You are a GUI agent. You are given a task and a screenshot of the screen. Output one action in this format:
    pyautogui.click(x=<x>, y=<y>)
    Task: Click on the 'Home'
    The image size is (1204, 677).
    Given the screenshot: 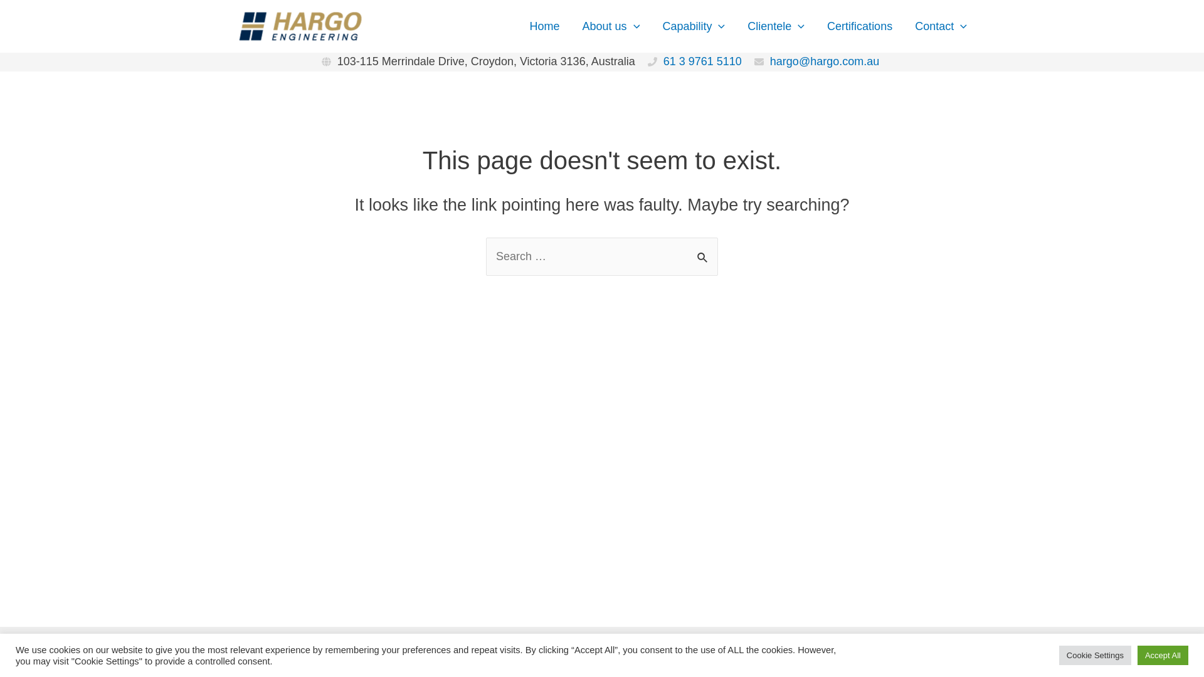 What is the action you would take?
    pyautogui.click(x=544, y=26)
    